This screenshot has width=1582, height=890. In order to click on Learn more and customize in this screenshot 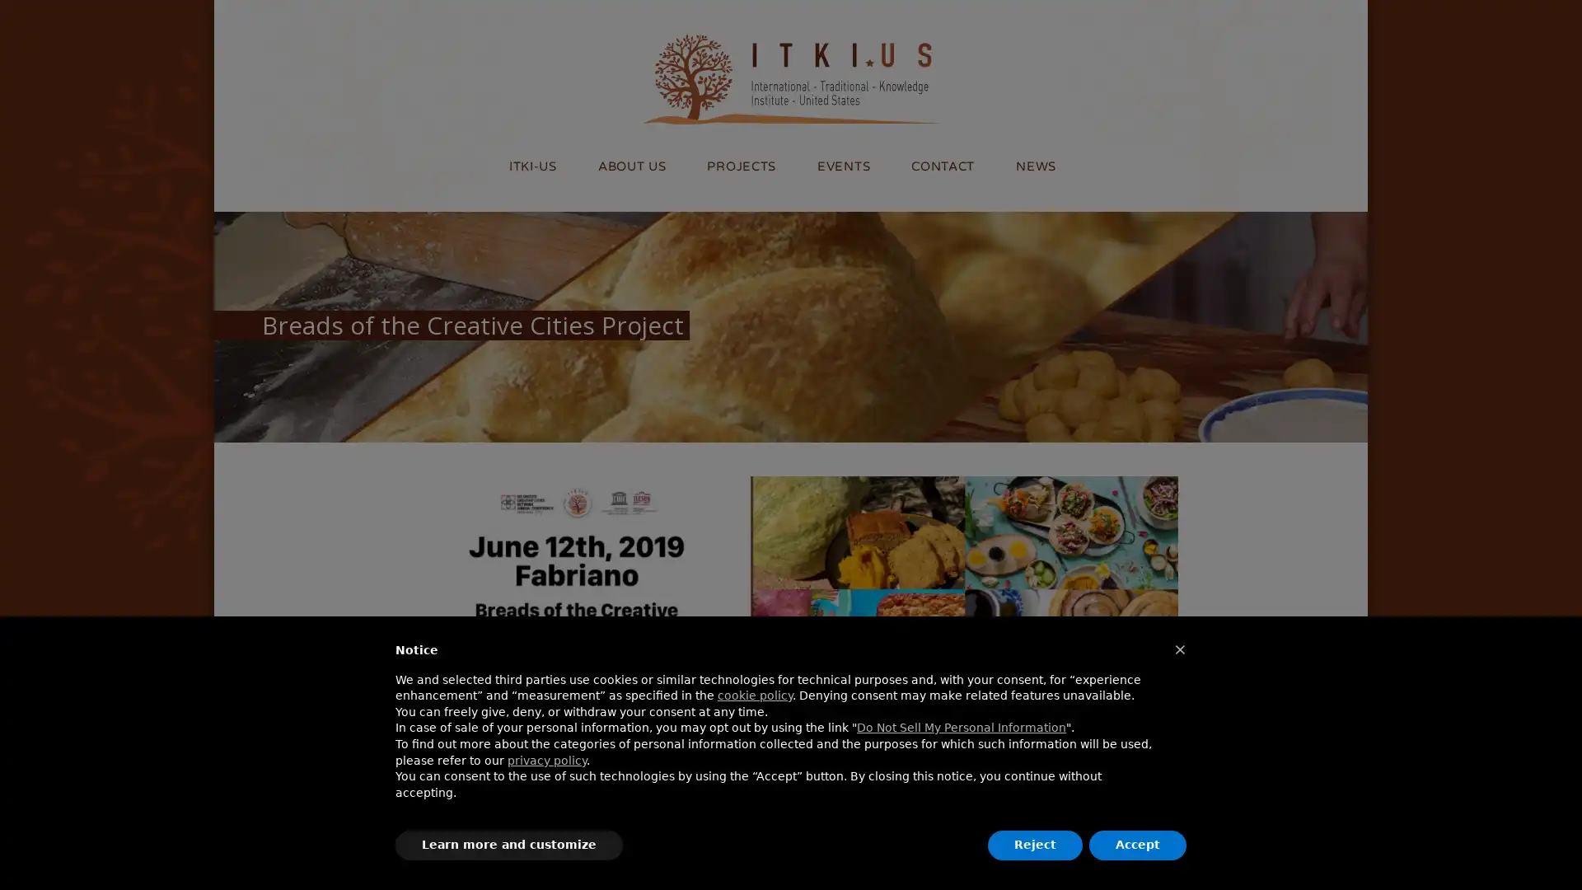, I will do `click(508, 845)`.